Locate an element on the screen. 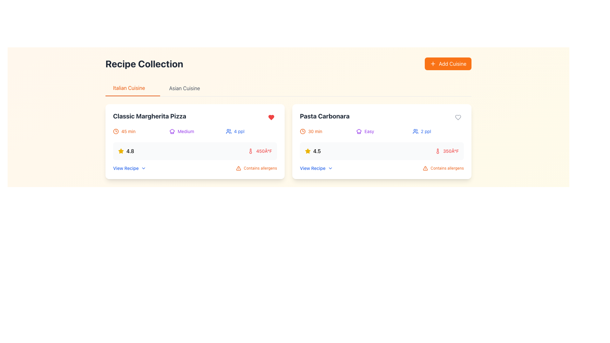  the text label that serves as a link or prompt for viewing recipe details, positioned centrally at the bottom of the left recipe card is located at coordinates (126, 168).